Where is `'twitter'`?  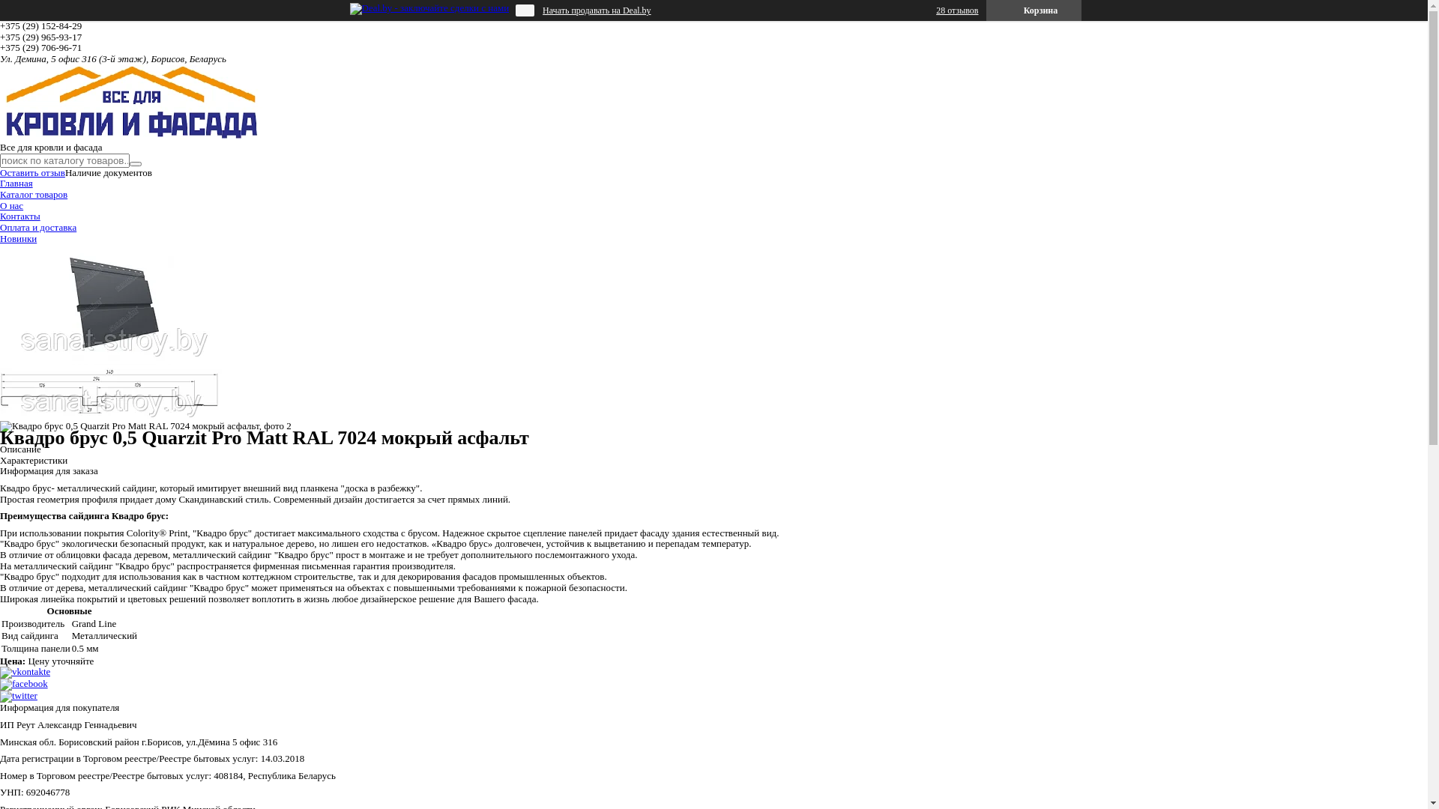 'twitter' is located at coordinates (0, 695).